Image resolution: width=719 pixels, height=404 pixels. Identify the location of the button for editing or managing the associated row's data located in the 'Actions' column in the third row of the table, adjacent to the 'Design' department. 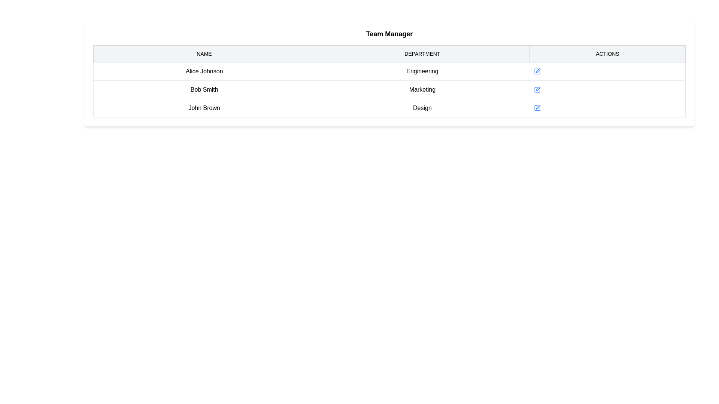
(537, 108).